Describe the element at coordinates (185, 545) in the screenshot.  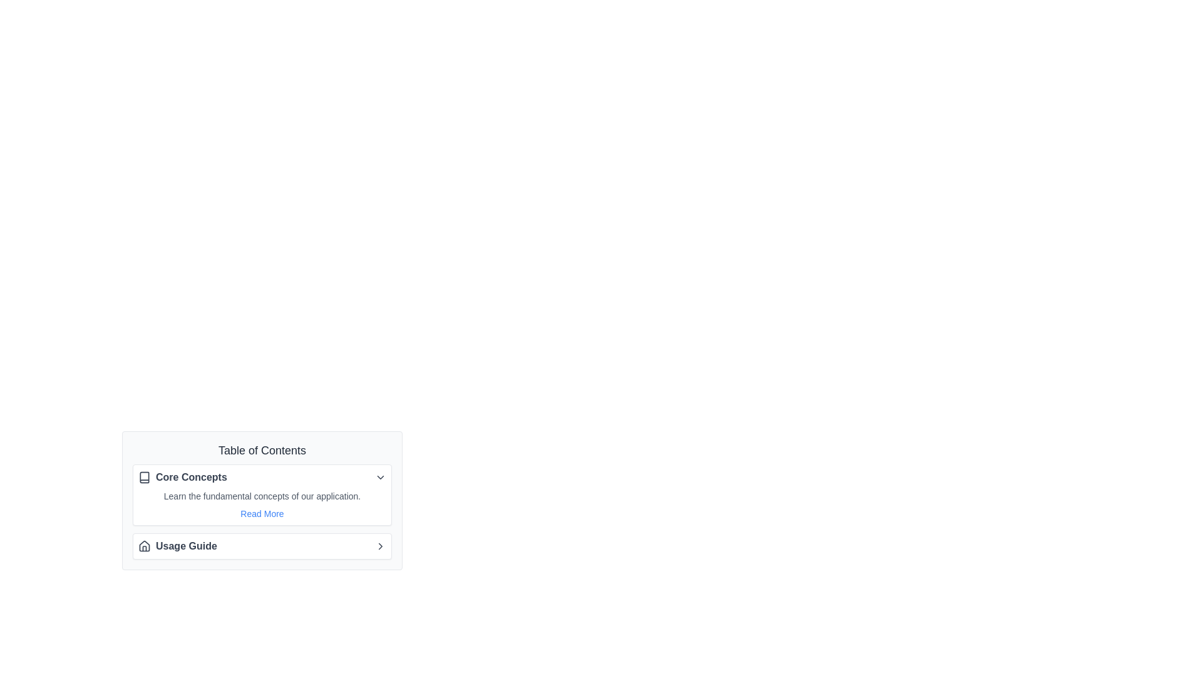
I see `the text label located at the bottom of the 'Table of Contents' card, below 'Core Concepts'` at that location.